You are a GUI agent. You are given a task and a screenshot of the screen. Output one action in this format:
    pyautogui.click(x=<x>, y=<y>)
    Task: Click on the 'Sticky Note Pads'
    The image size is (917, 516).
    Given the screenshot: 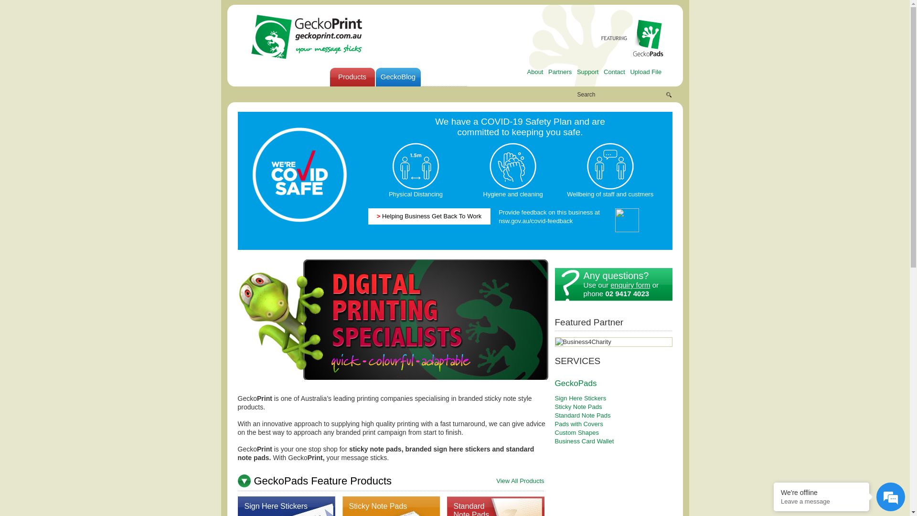 What is the action you would take?
    pyautogui.click(x=377, y=505)
    